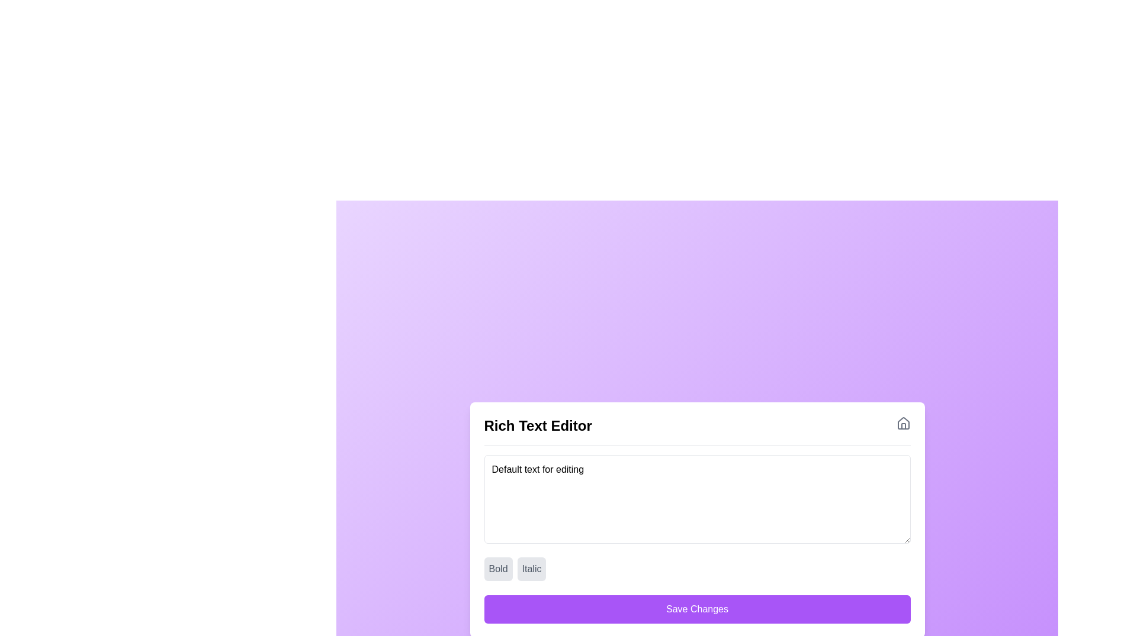 The height and width of the screenshot is (639, 1137). Describe the element at coordinates (902, 426) in the screenshot. I see `the house-shaped icon located in the upper-right corner of the interface, which features a rectangular base and a triangular roof with a cut-out detail` at that location.